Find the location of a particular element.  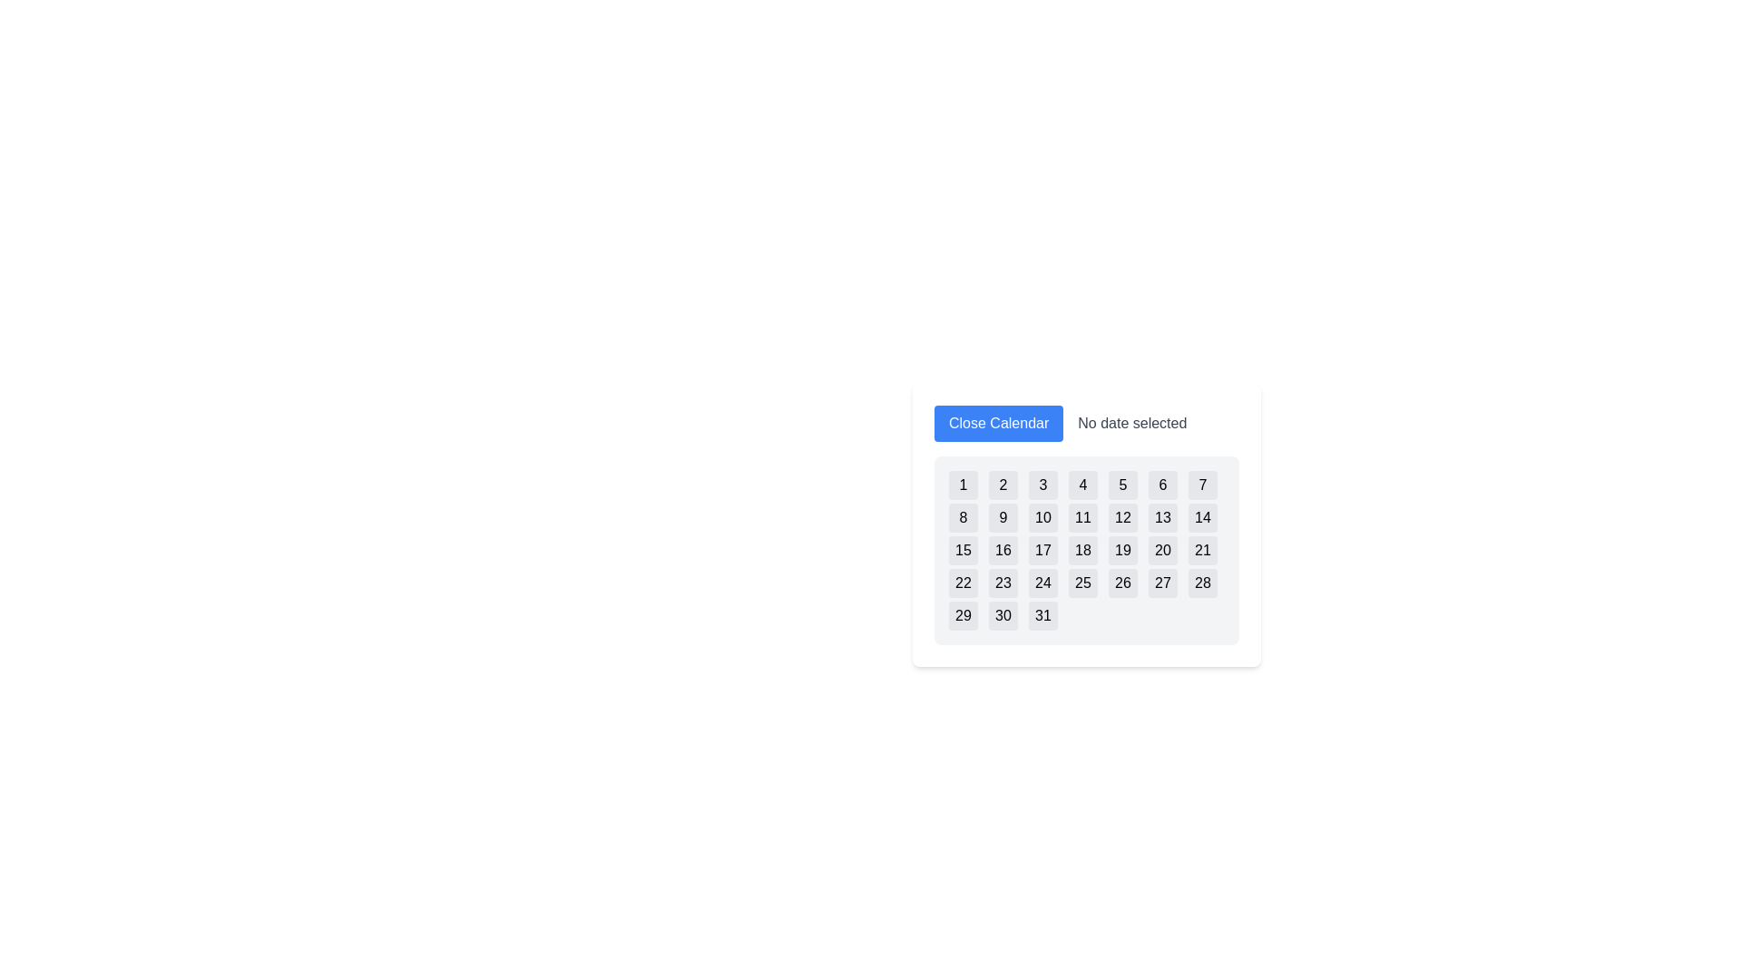

the first day button in the calendar interface is located at coordinates (962, 485).